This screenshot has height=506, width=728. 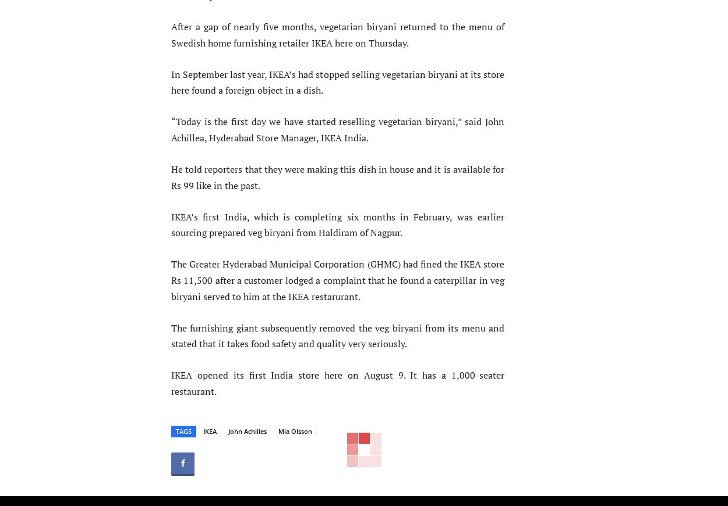 I want to click on '“Today is the first day we have started reselling vegetarian biryani,” said John Achillea, Hyderabad Store Manager, IKEA India.', so click(x=337, y=129).